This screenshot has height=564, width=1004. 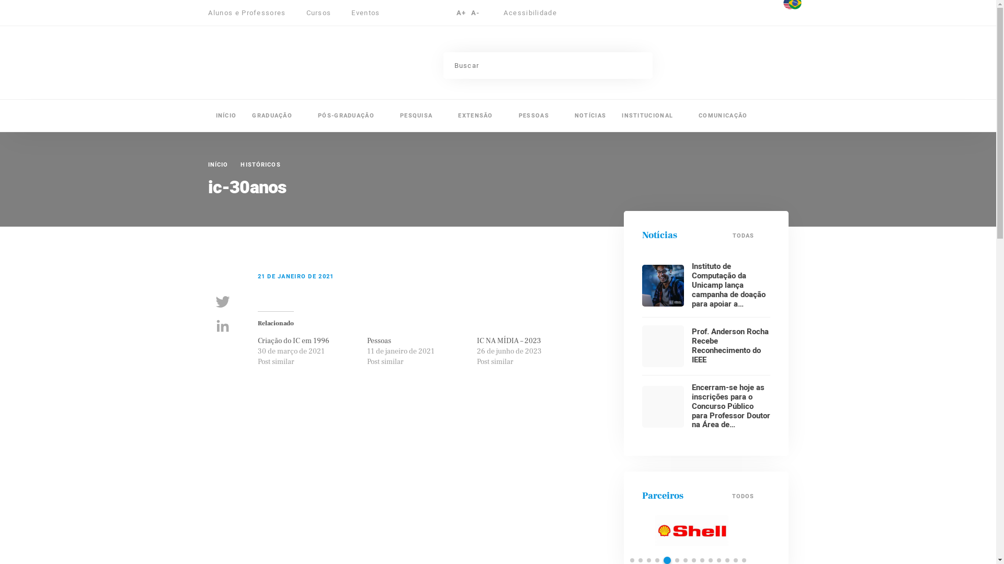 I want to click on 'PESQUISA', so click(x=421, y=115).